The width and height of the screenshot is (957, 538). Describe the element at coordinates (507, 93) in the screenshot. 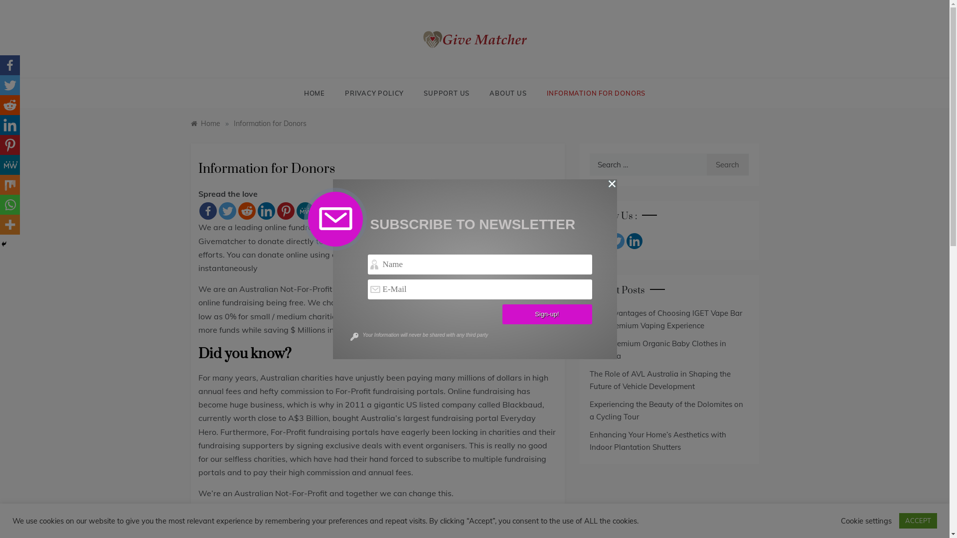

I see `'ABOUT US'` at that location.